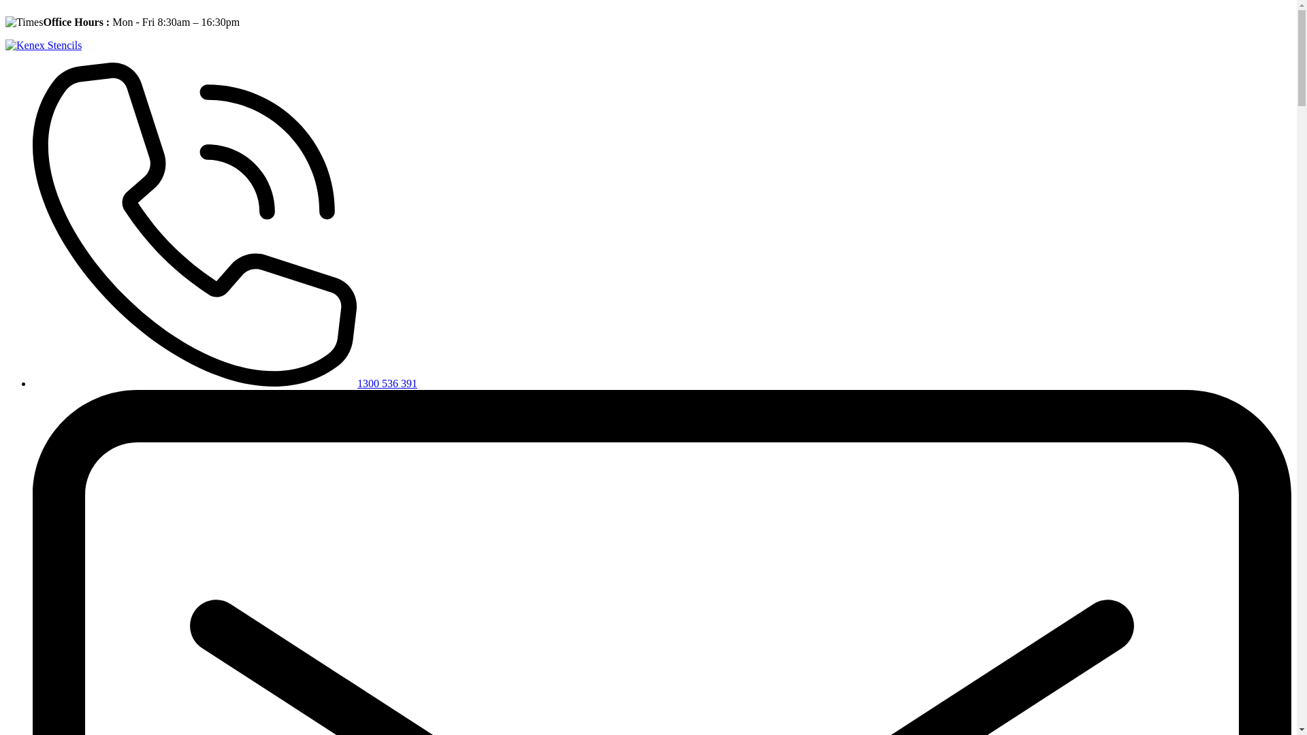 This screenshot has width=1307, height=735. I want to click on 'Times', so click(24, 22).